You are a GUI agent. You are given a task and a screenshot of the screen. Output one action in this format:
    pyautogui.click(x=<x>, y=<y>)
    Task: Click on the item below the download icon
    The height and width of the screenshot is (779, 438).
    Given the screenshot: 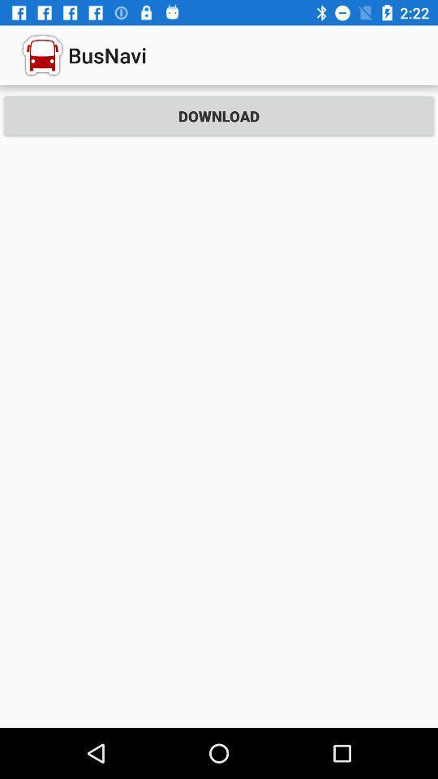 What is the action you would take?
    pyautogui.click(x=219, y=433)
    